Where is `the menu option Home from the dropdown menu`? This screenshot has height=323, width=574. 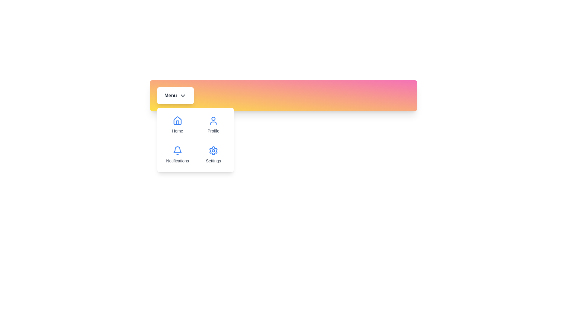
the menu option Home from the dropdown menu is located at coordinates (177, 124).